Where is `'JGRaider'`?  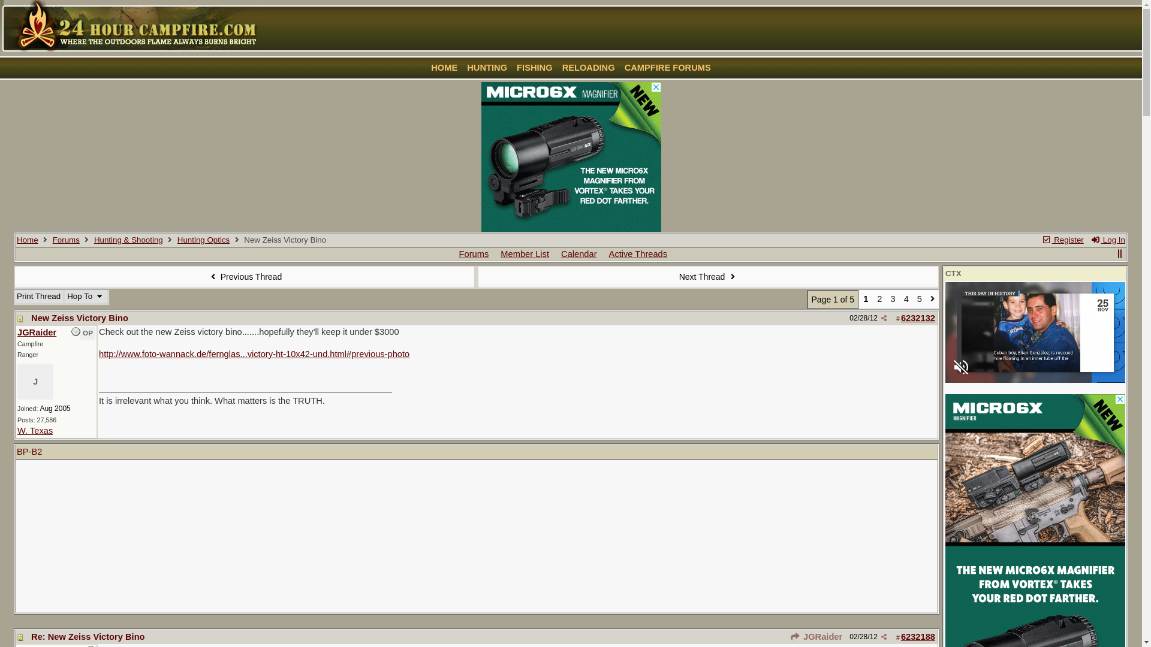
'JGRaider' is located at coordinates (37, 332).